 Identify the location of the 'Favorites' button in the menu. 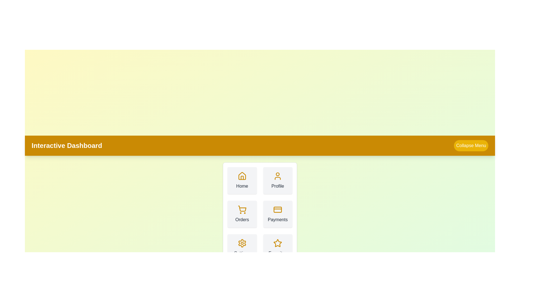
(278, 247).